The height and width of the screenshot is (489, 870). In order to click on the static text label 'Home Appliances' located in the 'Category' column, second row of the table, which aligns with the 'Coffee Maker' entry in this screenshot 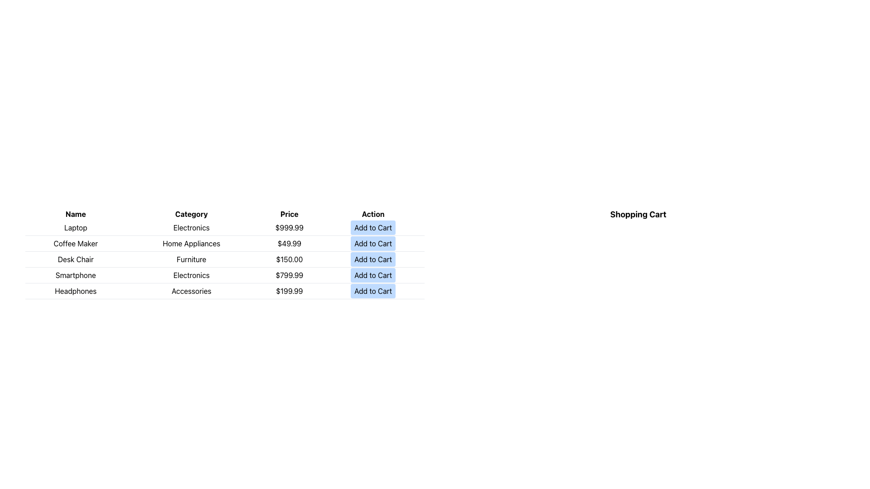, I will do `click(191, 243)`.